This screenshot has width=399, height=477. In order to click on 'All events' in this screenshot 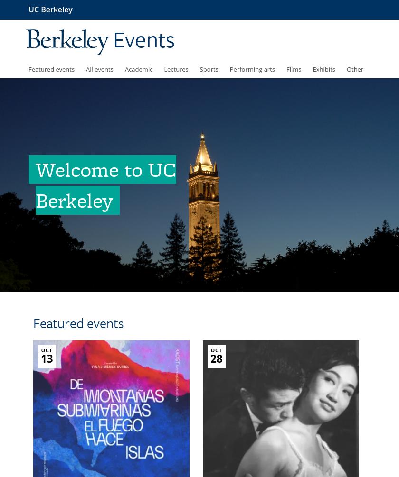, I will do `click(99, 68)`.